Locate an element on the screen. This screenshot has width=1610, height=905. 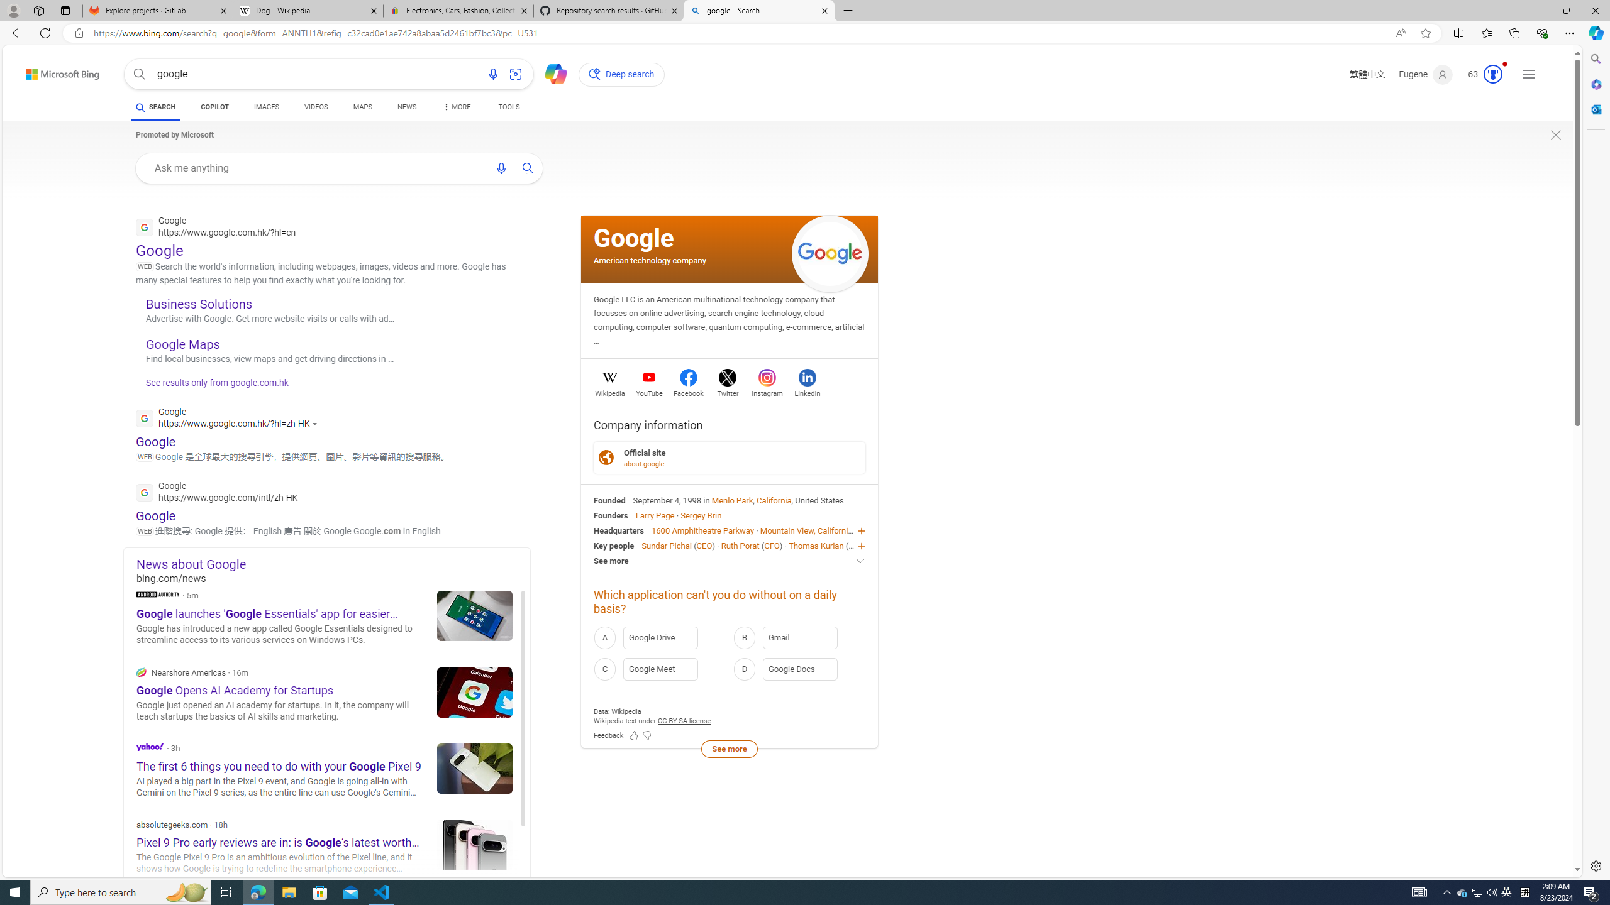
'A Google Drive' is located at coordinates (659, 637).